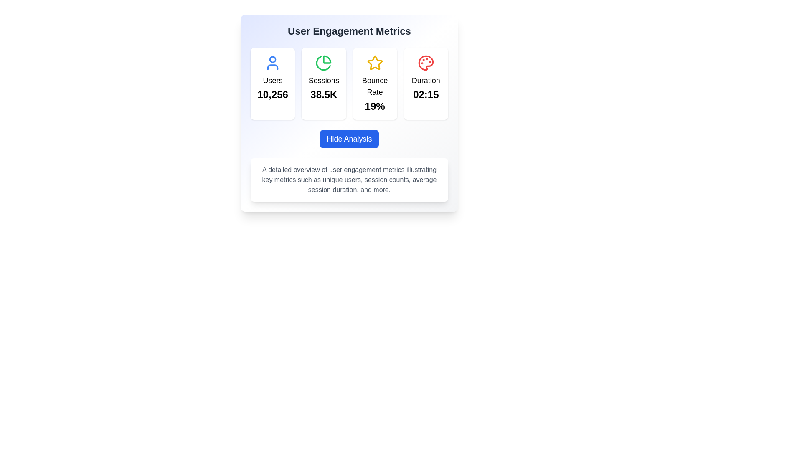 The height and width of the screenshot is (451, 802). Describe the element at coordinates (374, 62) in the screenshot. I see `the star icon representing the 'Bounce Rate' metric in the third metric card of the 'User Engagement Metrics' section` at that location.